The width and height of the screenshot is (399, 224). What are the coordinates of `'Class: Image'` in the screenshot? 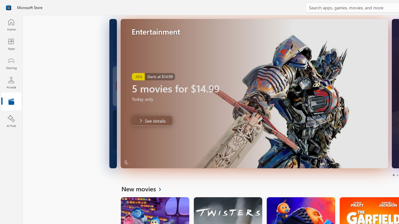 It's located at (8, 7).